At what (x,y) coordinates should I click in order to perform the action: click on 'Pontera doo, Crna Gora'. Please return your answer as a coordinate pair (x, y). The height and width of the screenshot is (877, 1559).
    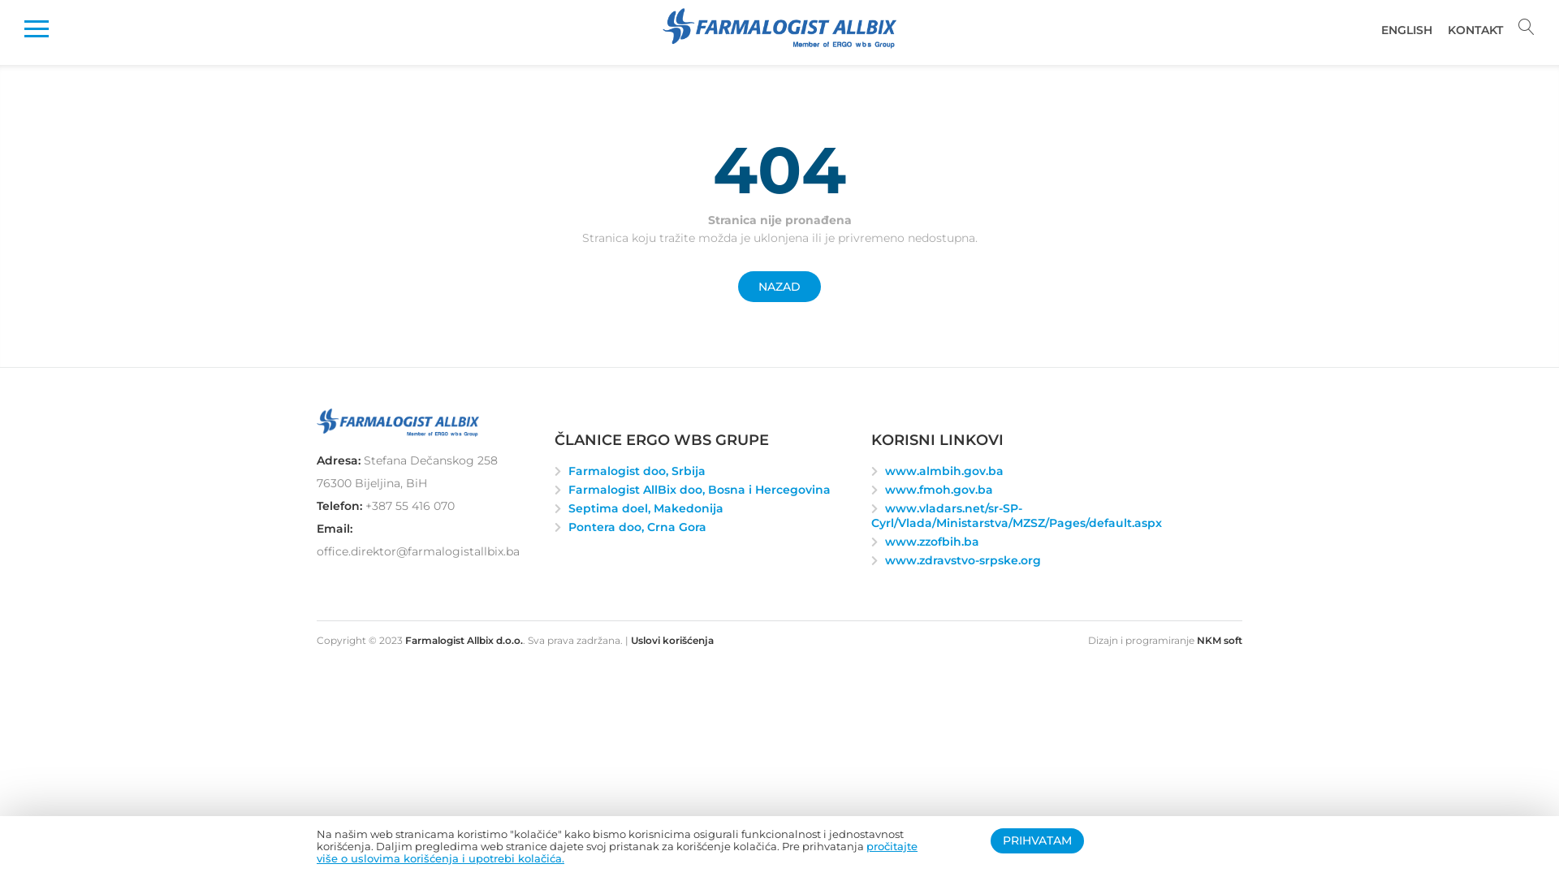
    Looking at the image, I should click on (637, 526).